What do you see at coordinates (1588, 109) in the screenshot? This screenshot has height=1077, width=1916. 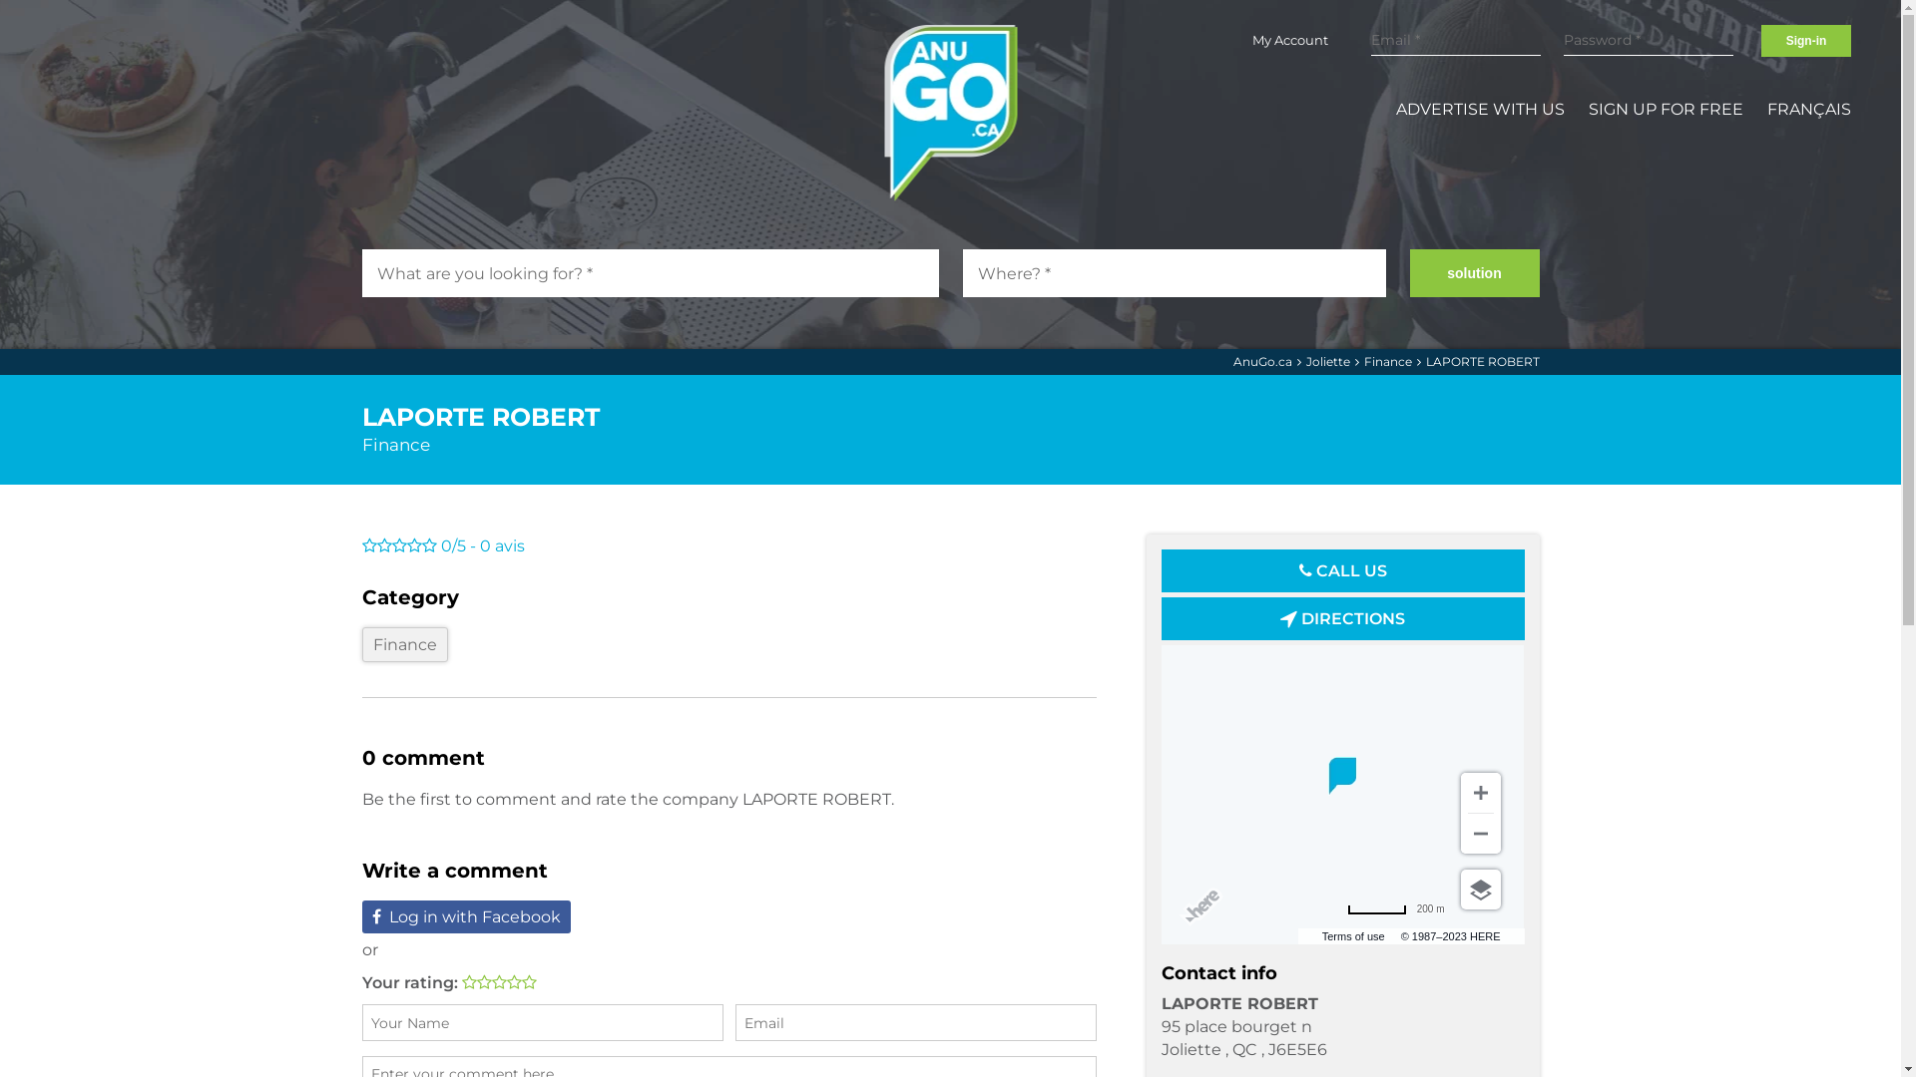 I see `'SIGN UP FOR FREE'` at bounding box center [1588, 109].